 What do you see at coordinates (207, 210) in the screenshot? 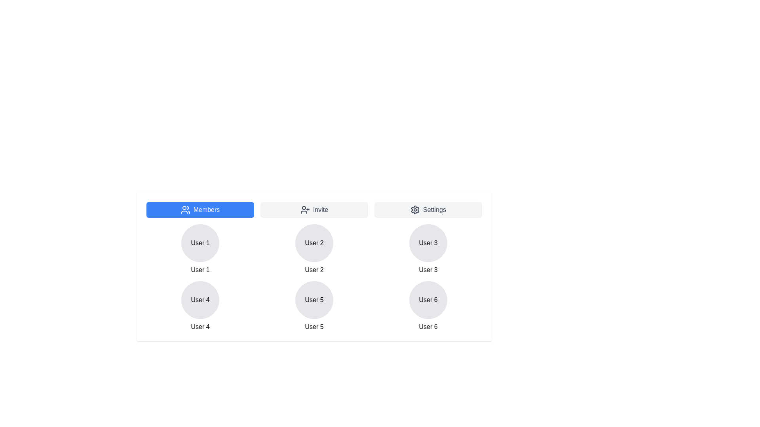
I see `the 'Members' text label within the button` at bounding box center [207, 210].